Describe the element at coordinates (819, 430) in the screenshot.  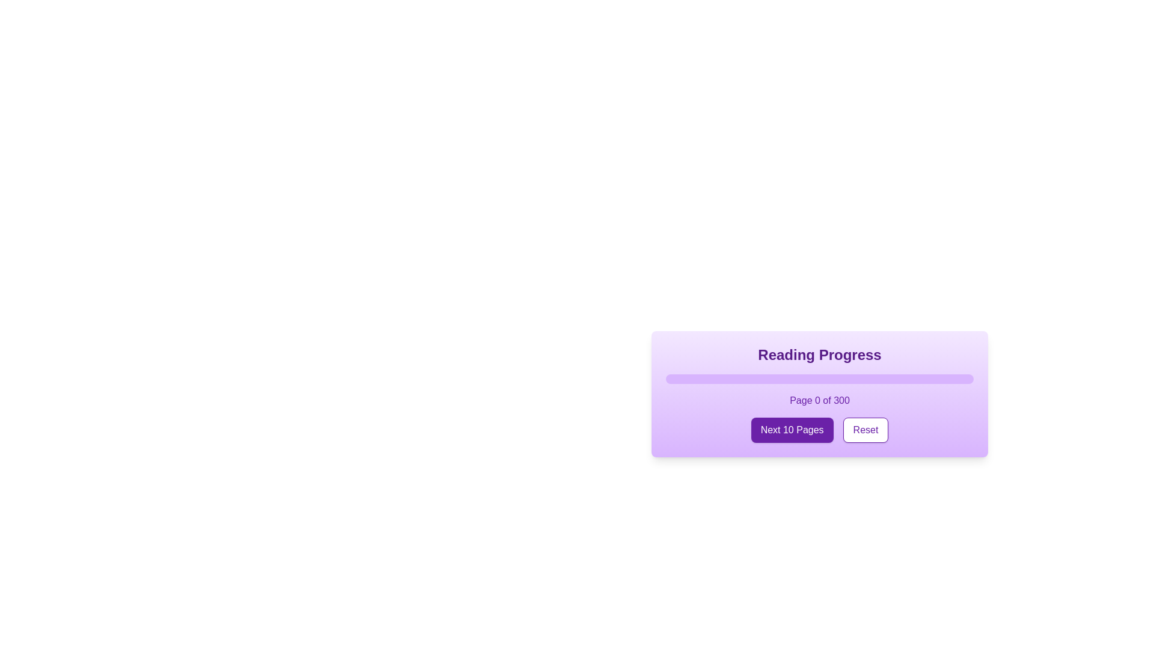
I see `the 'Next 10 Pages' button located in the 'Reading Progress' section to advance the progress tracker by ten pages` at that location.